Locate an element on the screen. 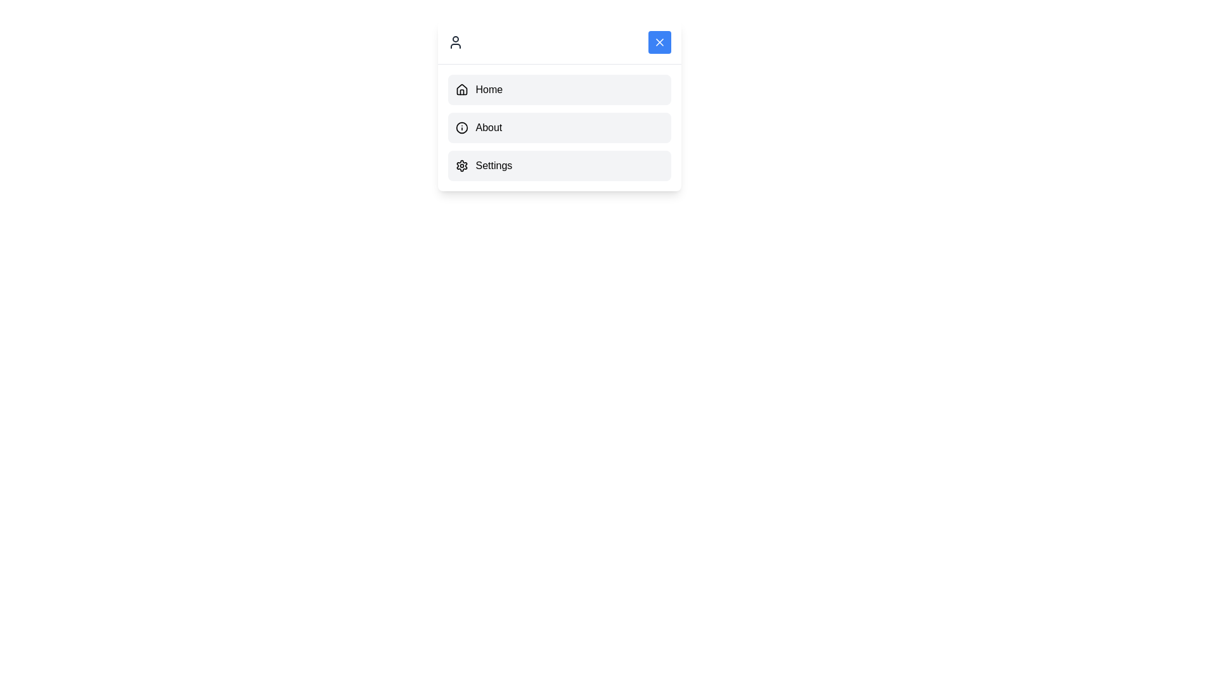 This screenshot has height=684, width=1217. the gear-like icon that represents settings, positioned to the left of the 'Settings' text label is located at coordinates (461, 165).